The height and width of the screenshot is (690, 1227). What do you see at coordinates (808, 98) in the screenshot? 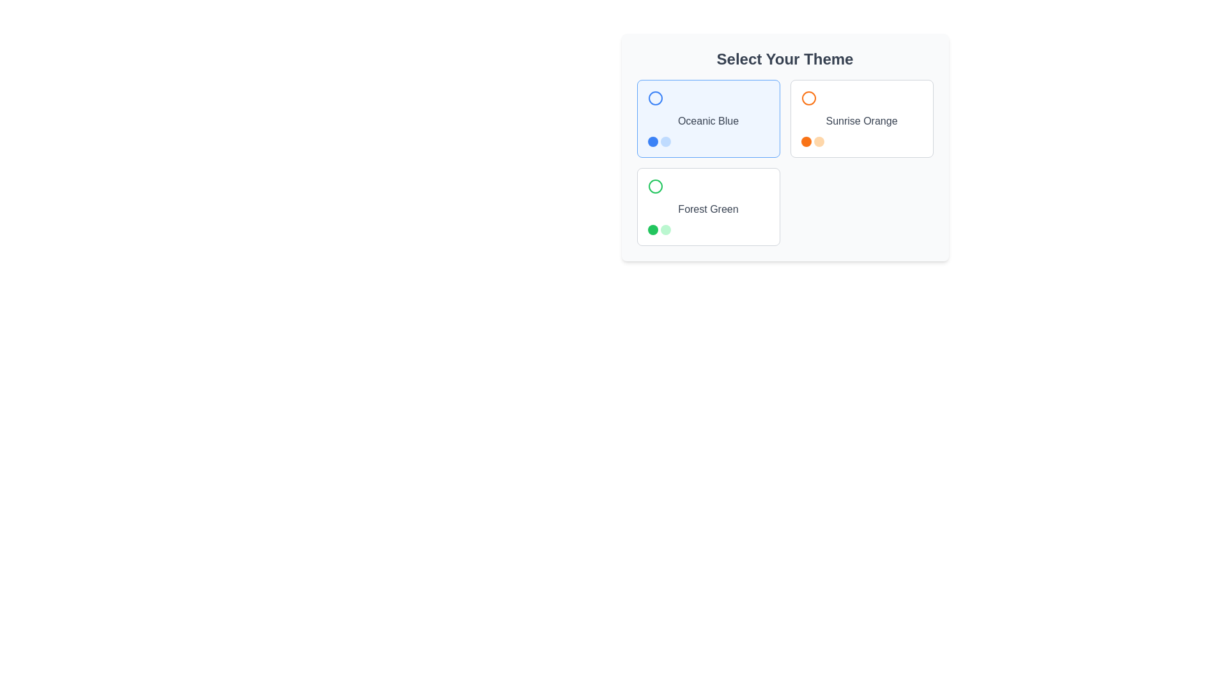
I see `the circular icon with a bright orange stroke located in the top section of the 'Sunrise Orange' card in the theme selection interface` at bounding box center [808, 98].